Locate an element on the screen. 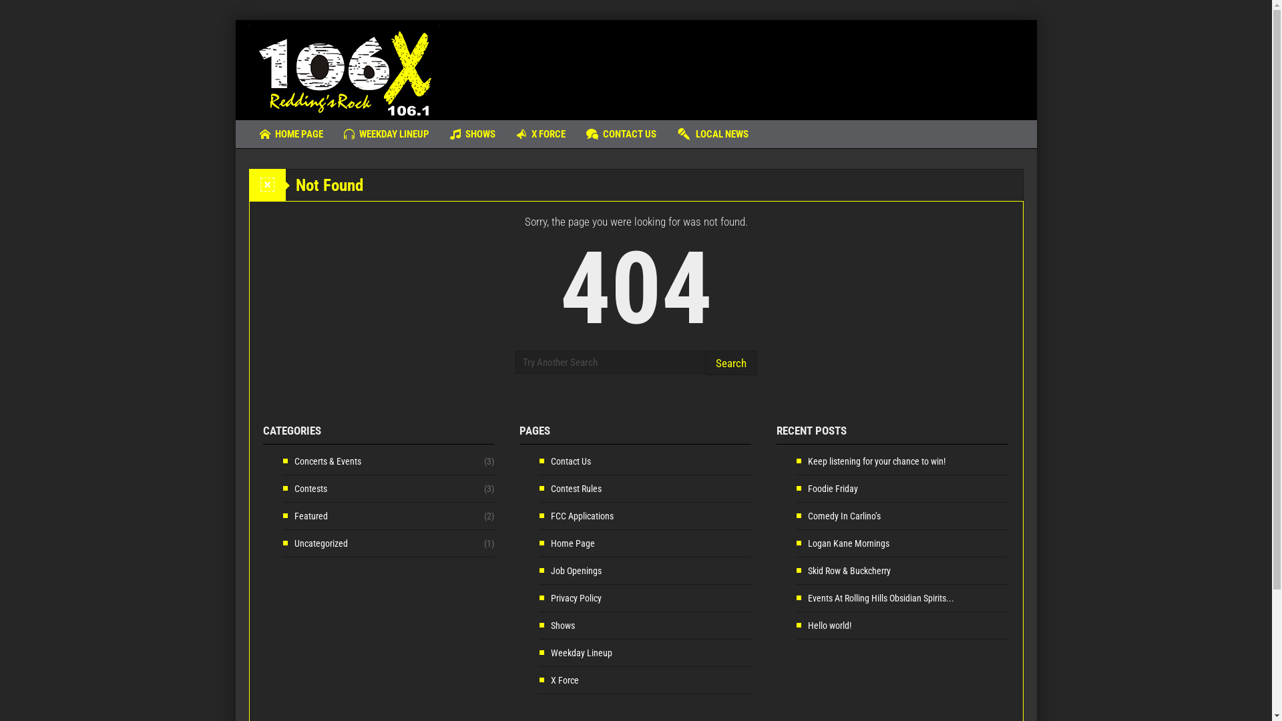  'Hello world!' is located at coordinates (823, 626).